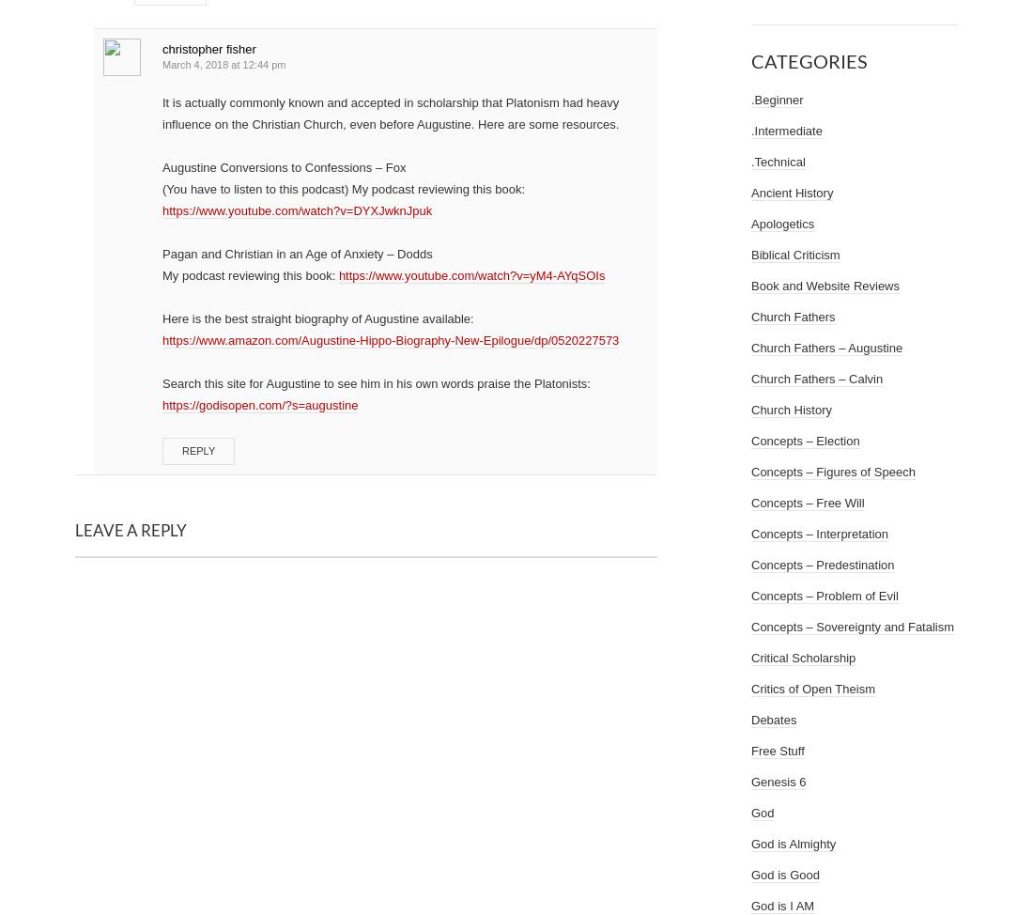 The height and width of the screenshot is (915, 1033). I want to click on 'https://www.youtube.com/watch?v=DYXJwknJpuk', so click(296, 209).